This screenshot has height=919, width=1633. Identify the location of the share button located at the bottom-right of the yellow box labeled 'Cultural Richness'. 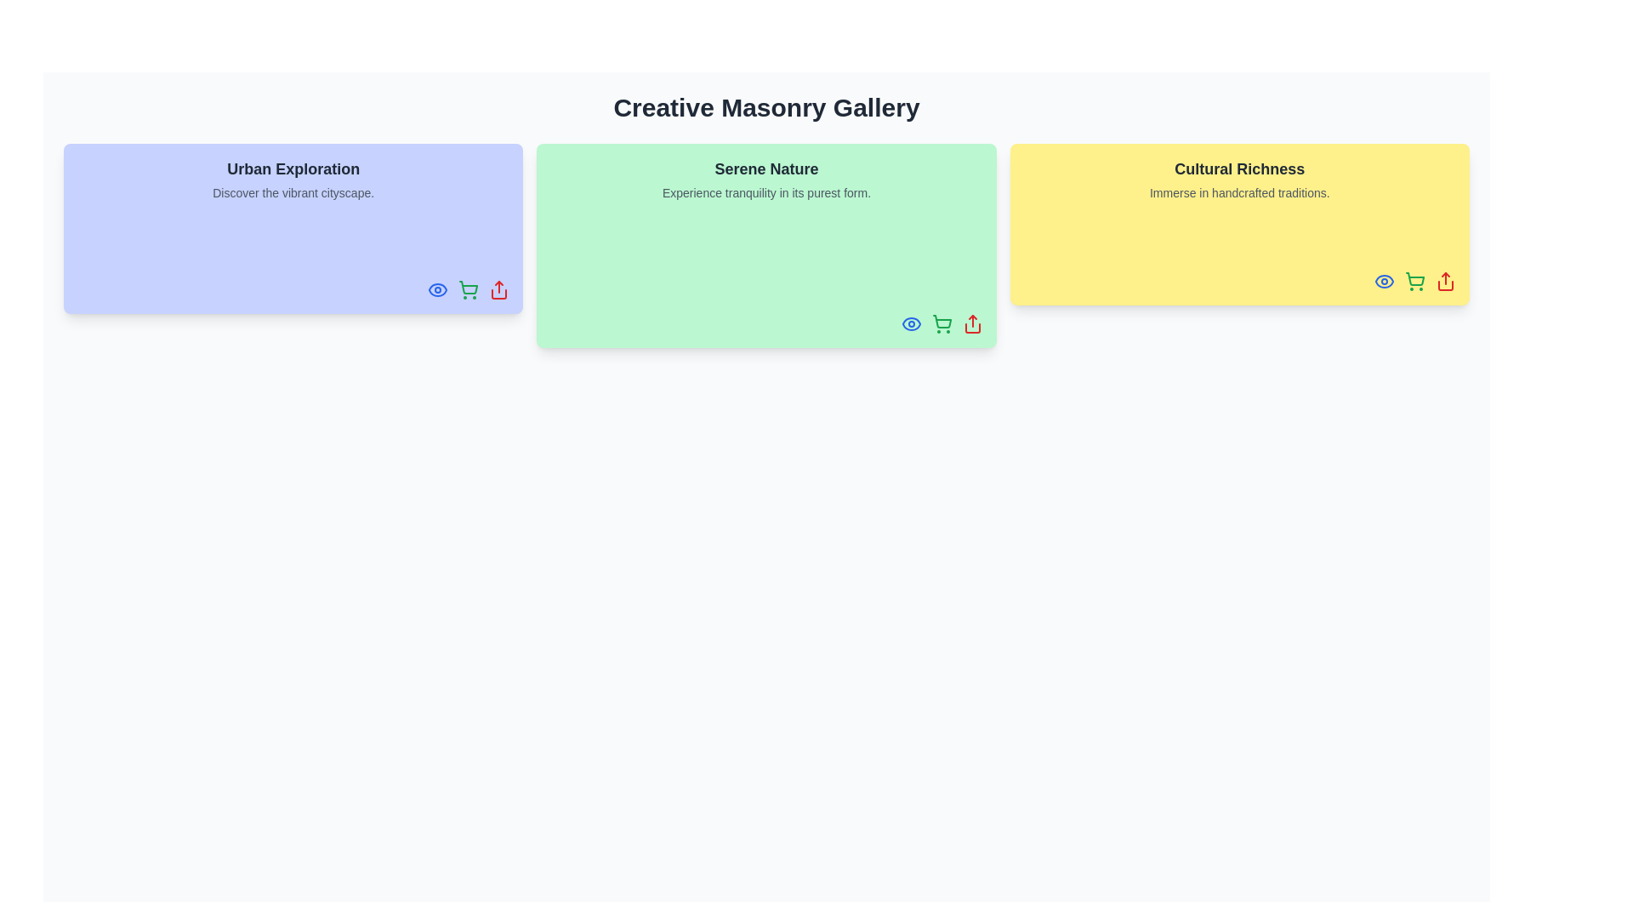
(1444, 281).